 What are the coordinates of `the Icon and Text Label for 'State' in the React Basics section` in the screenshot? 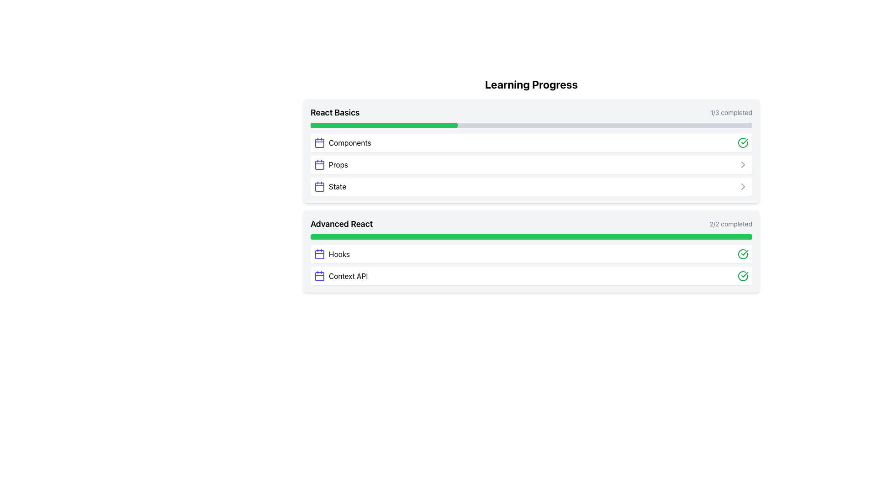 It's located at (330, 186).